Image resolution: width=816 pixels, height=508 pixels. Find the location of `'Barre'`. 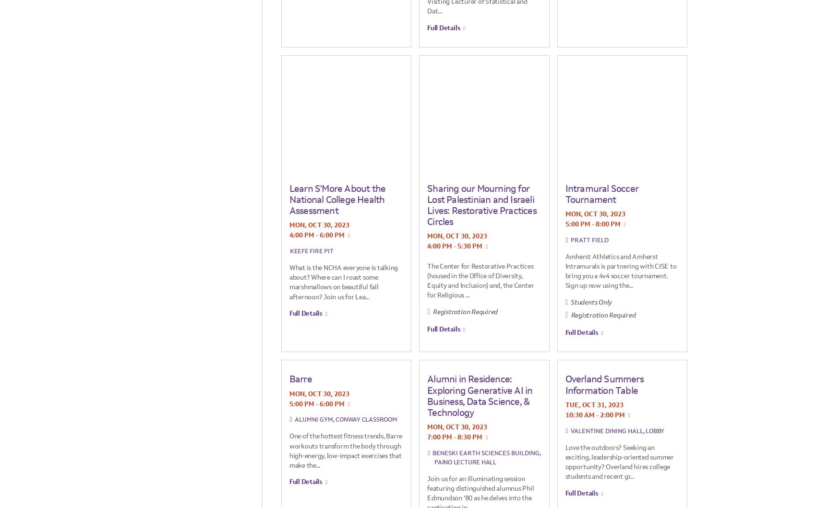

'Barre' is located at coordinates (300, 378).